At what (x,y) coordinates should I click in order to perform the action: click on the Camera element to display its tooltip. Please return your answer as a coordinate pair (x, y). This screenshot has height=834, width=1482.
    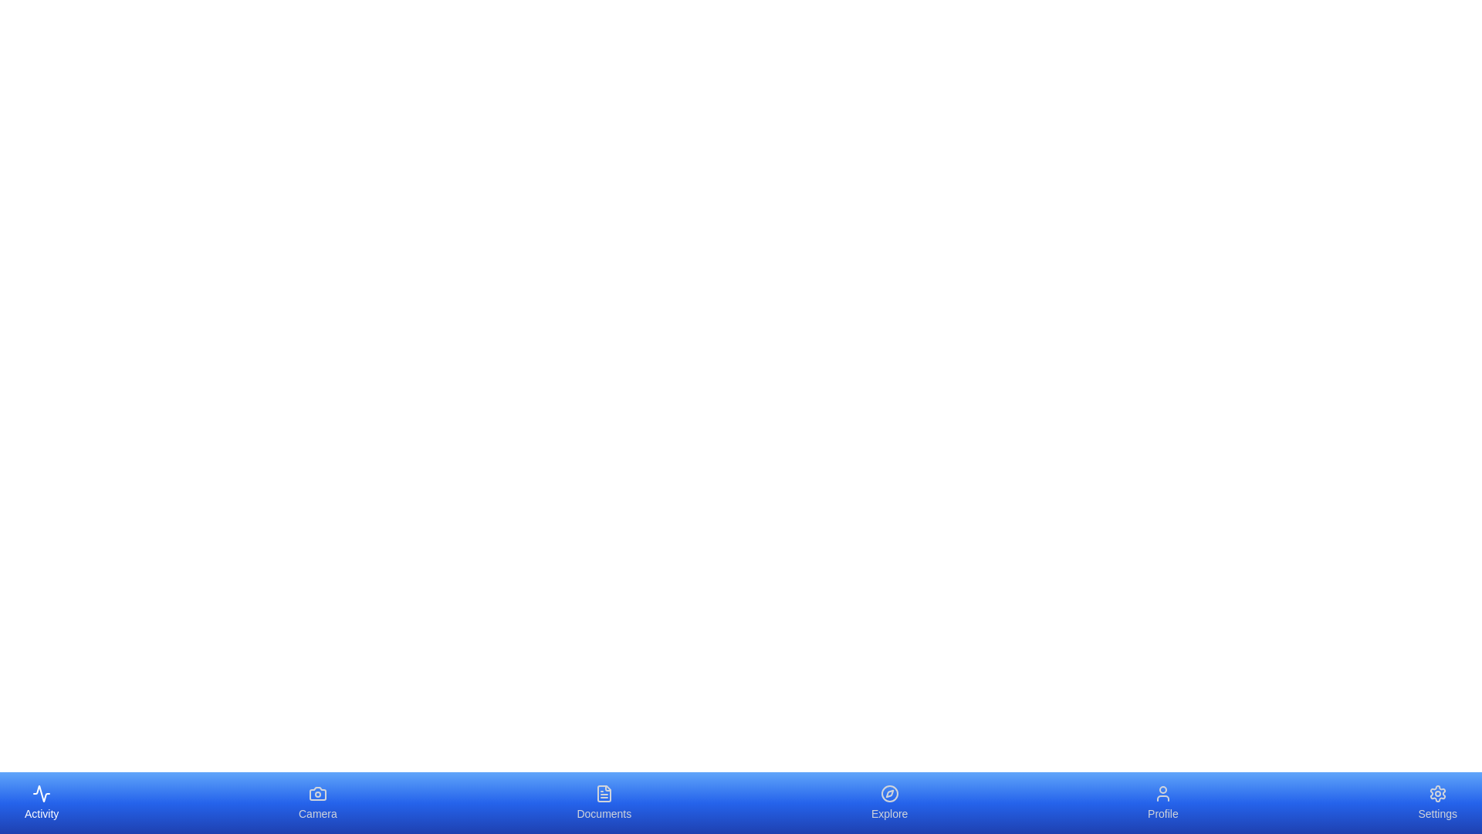
    Looking at the image, I should click on (316, 802).